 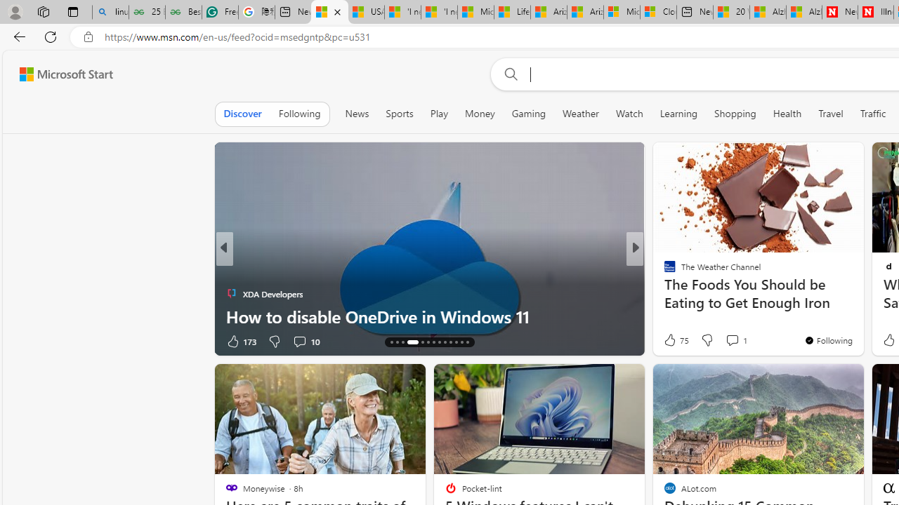 What do you see at coordinates (231, 293) in the screenshot?
I see `'XDA Developers'` at bounding box center [231, 293].